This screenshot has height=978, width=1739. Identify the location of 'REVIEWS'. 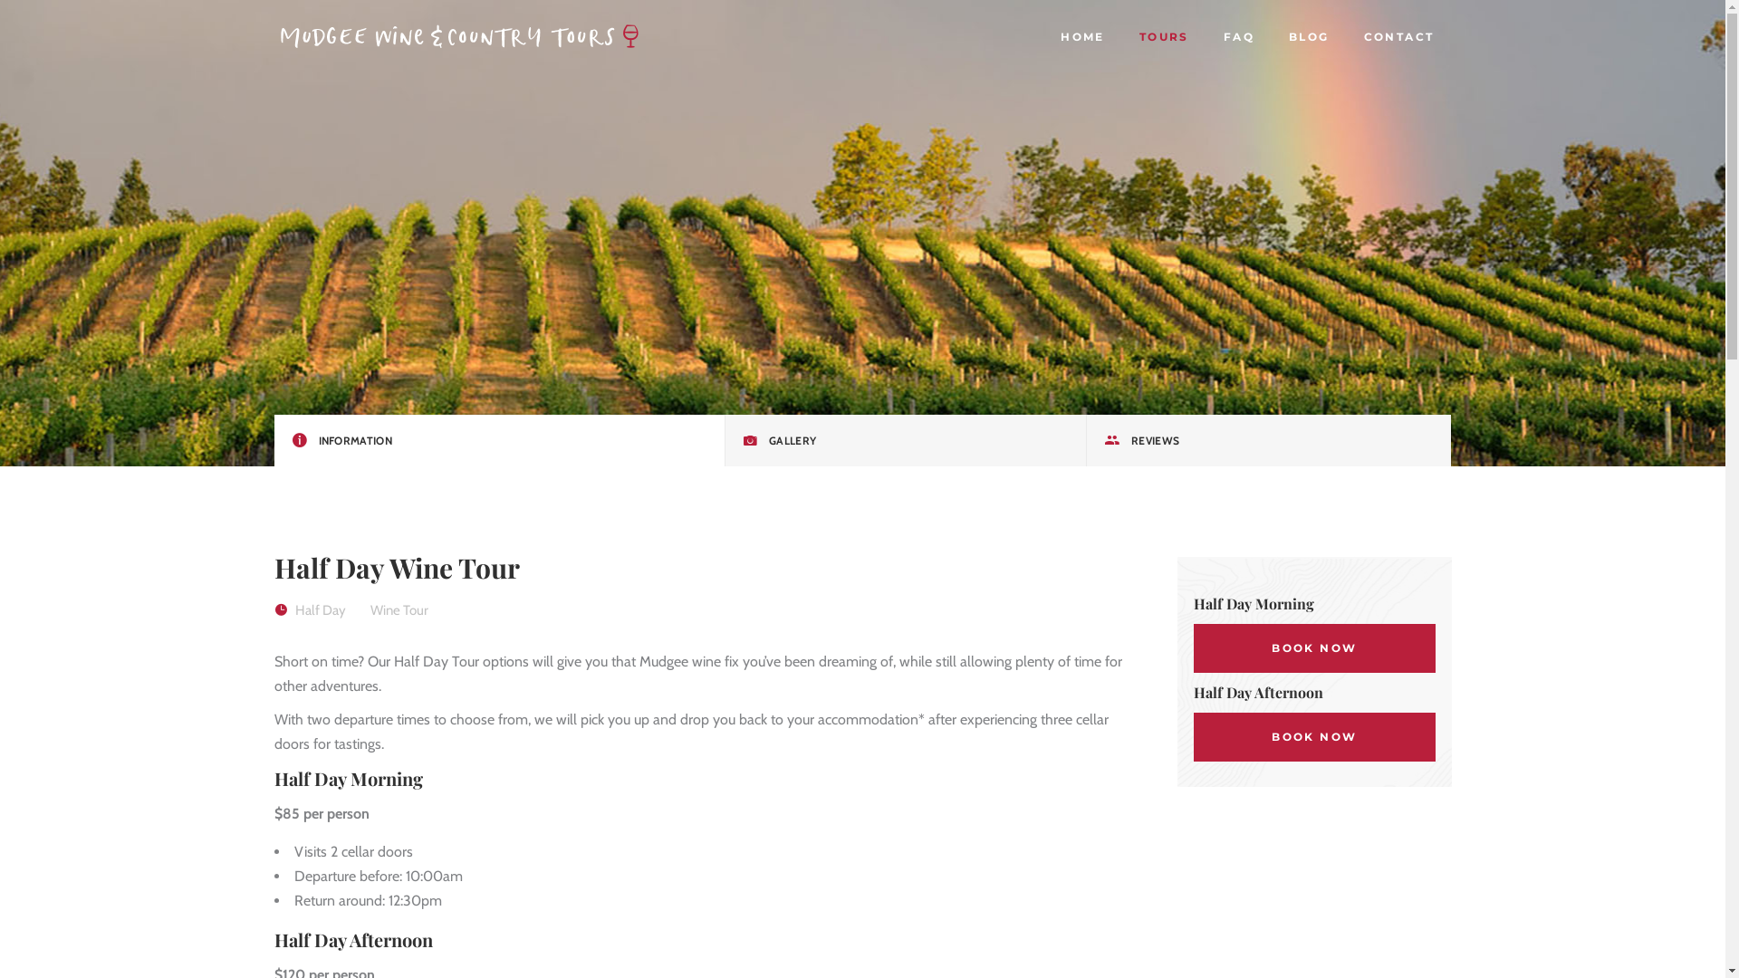
(1268, 440).